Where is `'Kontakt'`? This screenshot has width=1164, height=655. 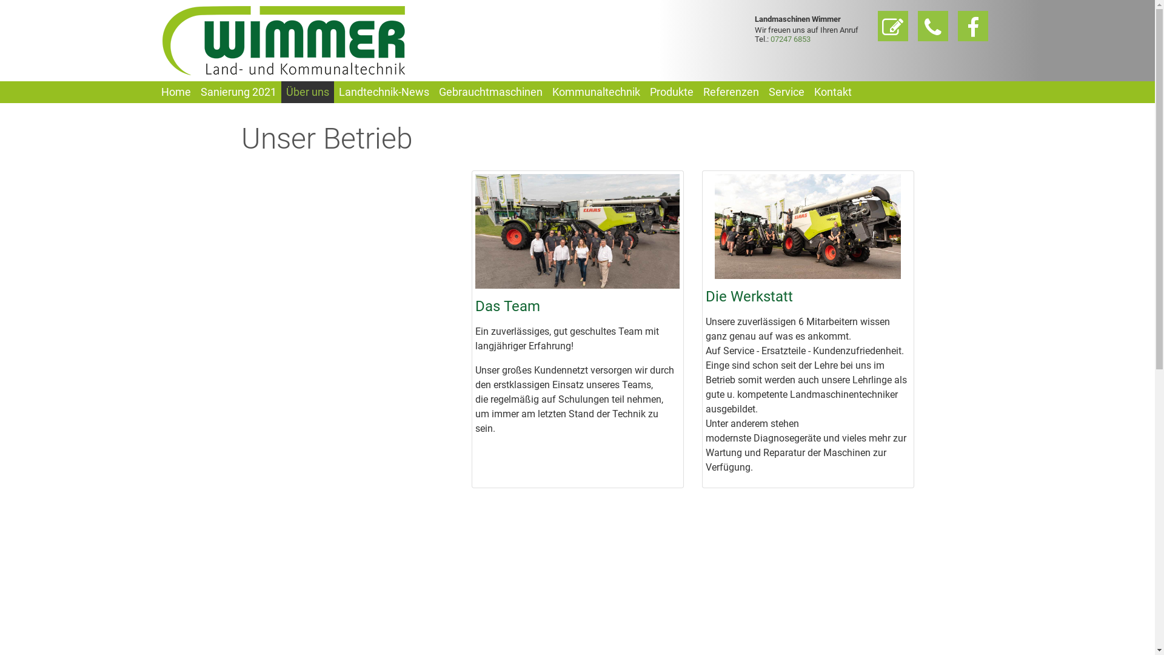 'Kontakt' is located at coordinates (831, 91).